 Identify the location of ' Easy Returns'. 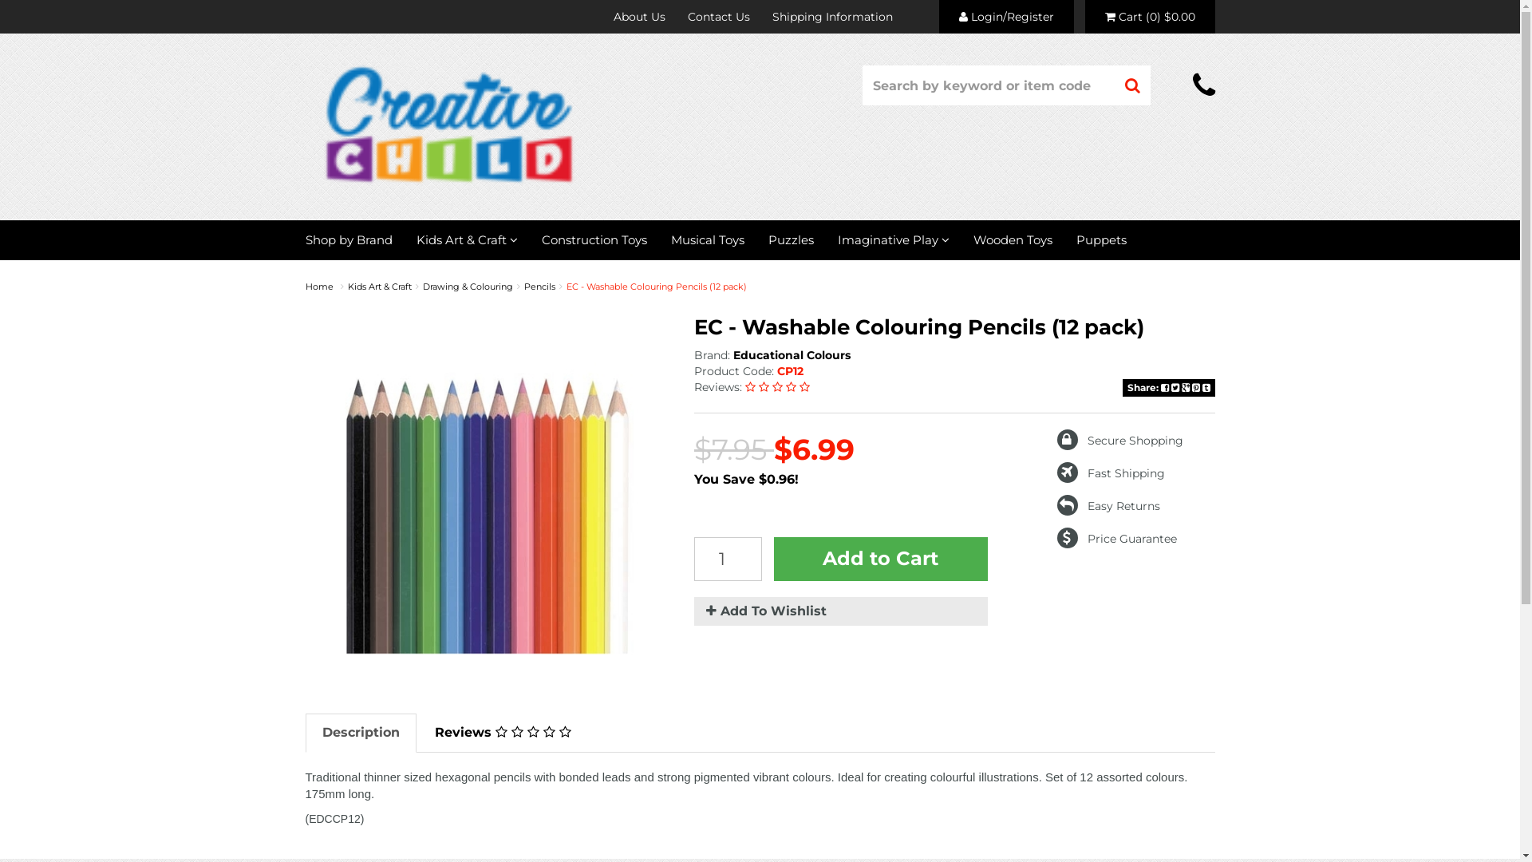
(1056, 505).